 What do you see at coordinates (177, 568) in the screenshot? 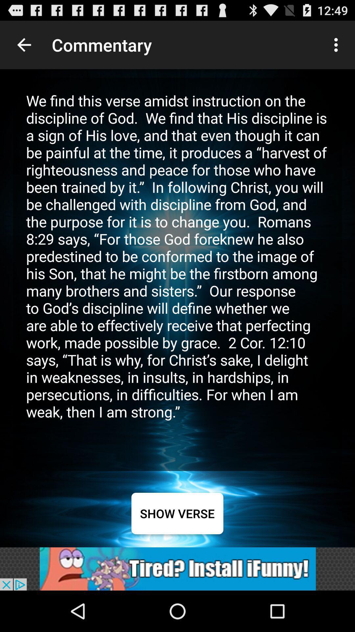
I see `banner` at bounding box center [177, 568].